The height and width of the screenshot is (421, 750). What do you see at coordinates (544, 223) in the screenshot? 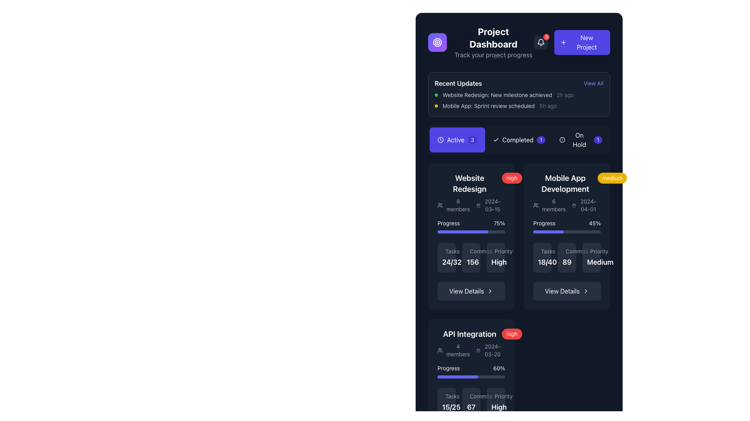
I see `the Text Label that indicates the progress tracking for 'Mobile App Development', located above the progress bar and near the '45%' metric` at bounding box center [544, 223].